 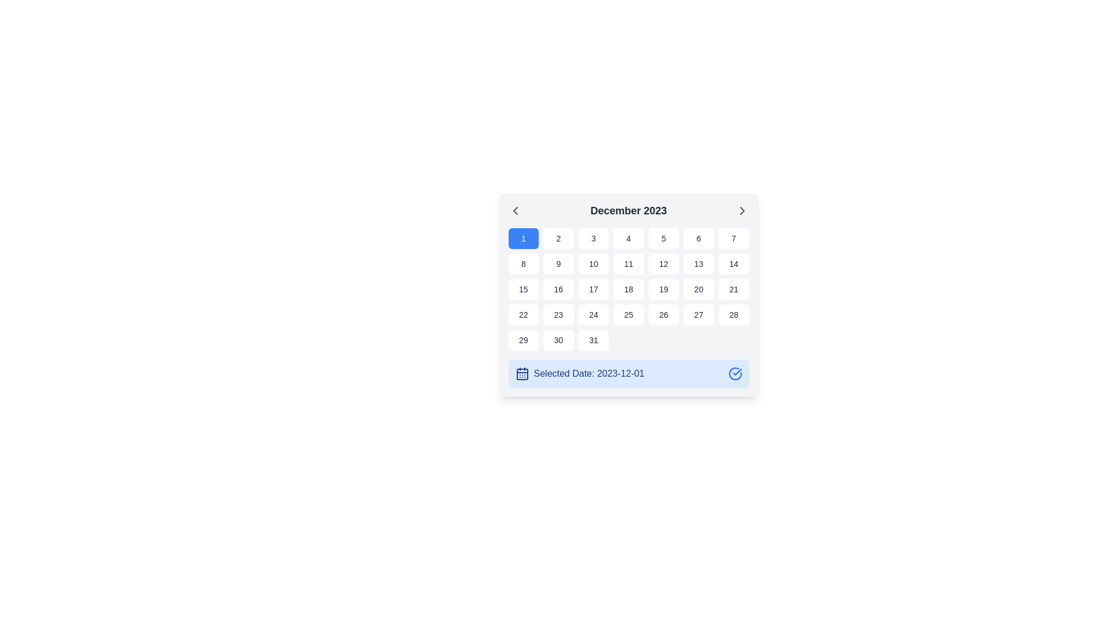 What do you see at coordinates (523, 314) in the screenshot?
I see `the interactive day selection button located in the fourth row and first column of the calendar grid` at bounding box center [523, 314].